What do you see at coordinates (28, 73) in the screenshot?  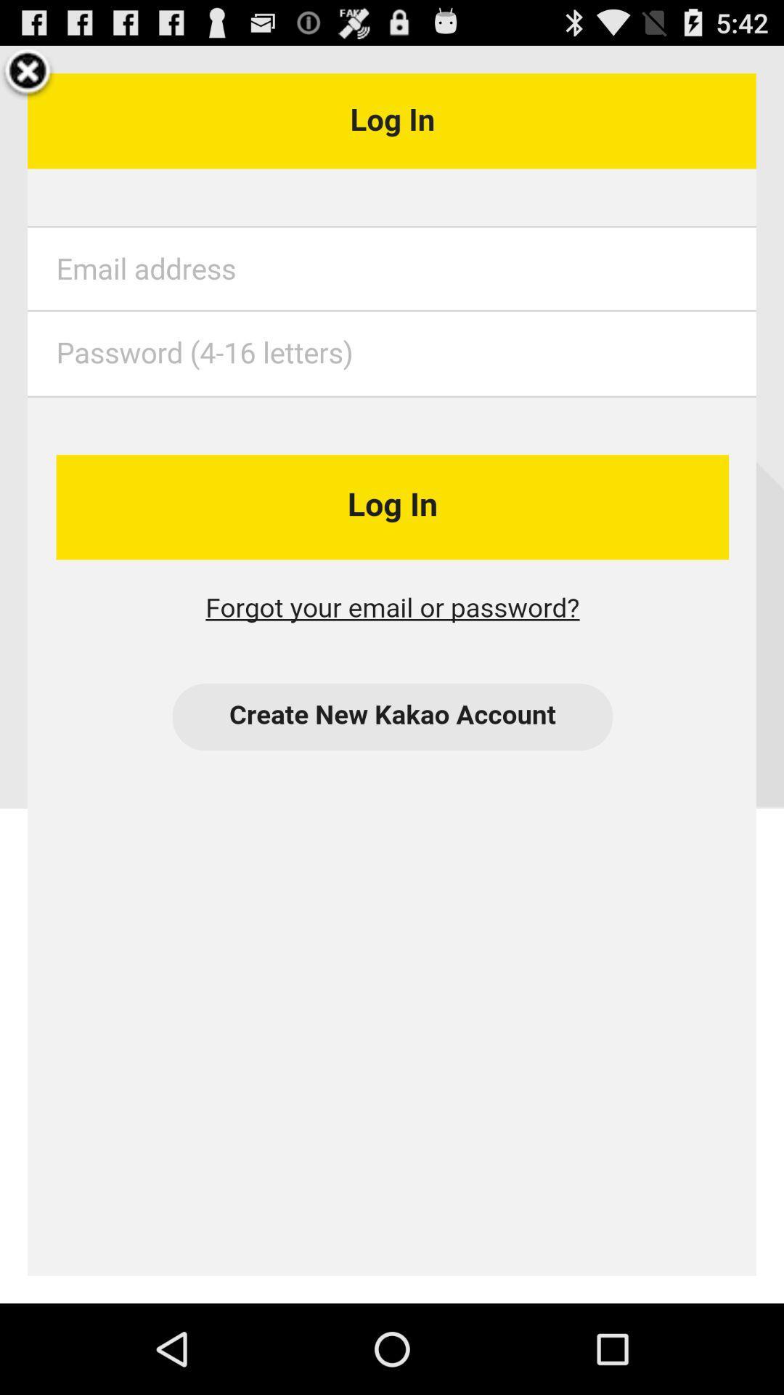 I see `cancel login` at bounding box center [28, 73].